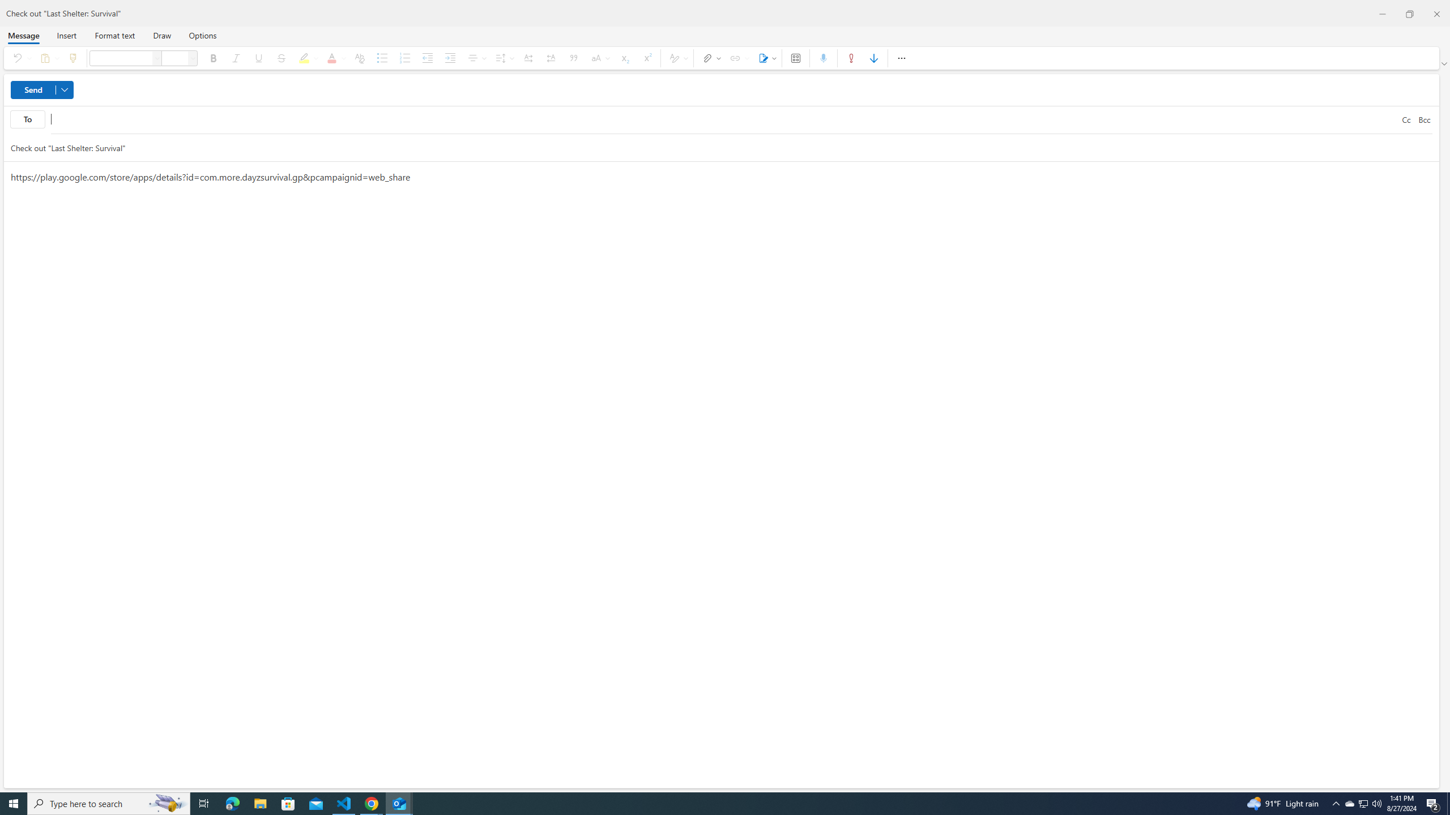 Image resolution: width=1450 pixels, height=815 pixels. Describe the element at coordinates (646, 58) in the screenshot. I see `'Superscript'` at that location.